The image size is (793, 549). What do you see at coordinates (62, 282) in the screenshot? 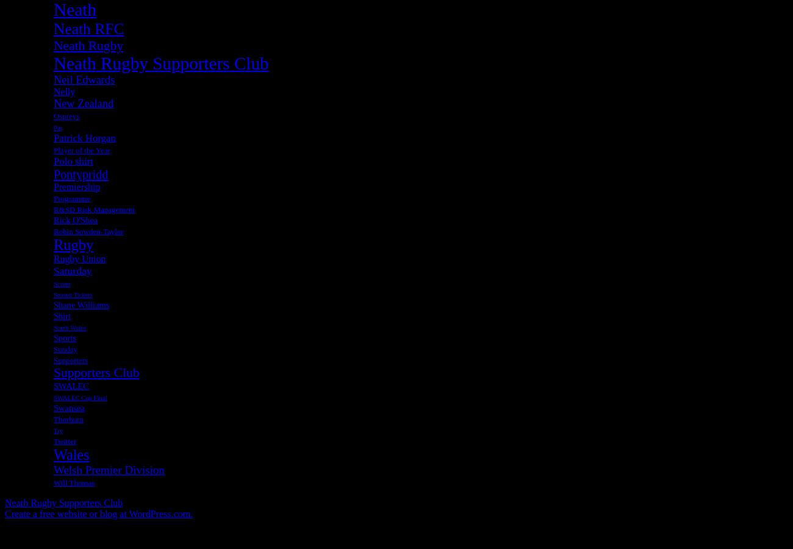
I see `'Scrum'` at bounding box center [62, 282].